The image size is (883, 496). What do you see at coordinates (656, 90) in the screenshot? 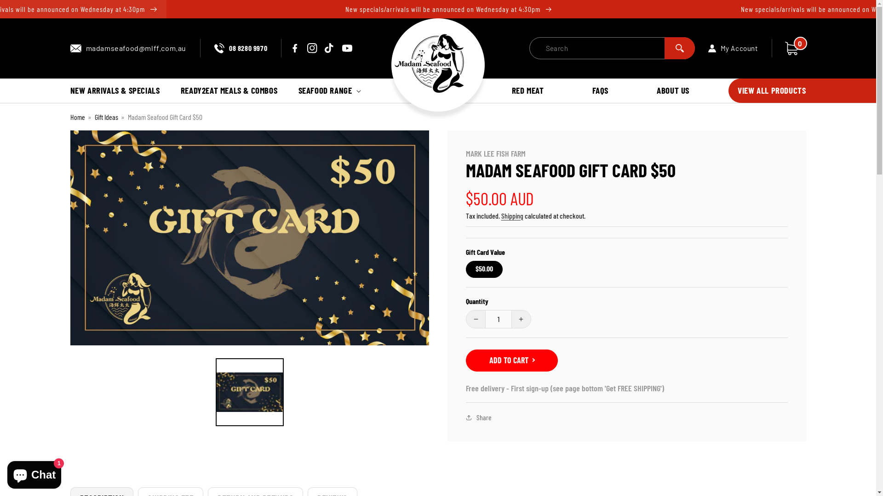
I see `'ABOUT US'` at bounding box center [656, 90].